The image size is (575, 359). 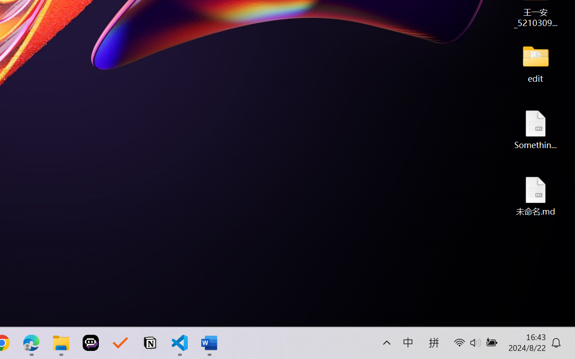 I want to click on 'Something.md', so click(x=535, y=129).